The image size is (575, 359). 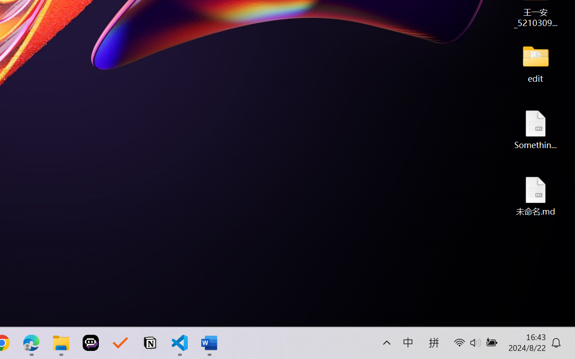 I want to click on 'Something.md', so click(x=535, y=129).